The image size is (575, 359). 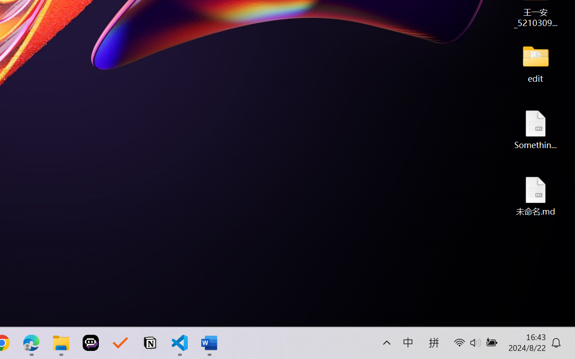 I want to click on 'Something.md', so click(x=535, y=129).